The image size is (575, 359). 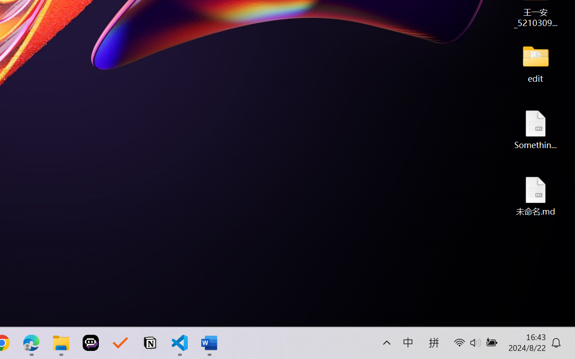 I want to click on 'Something.md', so click(x=535, y=129).